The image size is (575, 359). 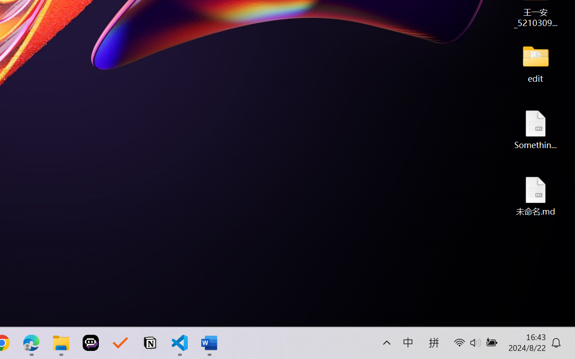 I want to click on 'Something.md', so click(x=535, y=129).